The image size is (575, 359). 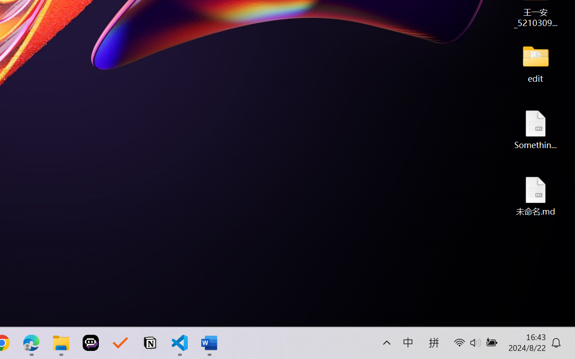 I want to click on 'Something.md', so click(x=535, y=129).